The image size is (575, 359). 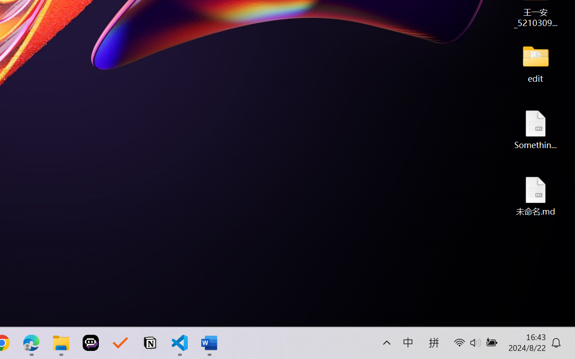 I want to click on 'Something.md', so click(x=535, y=129).